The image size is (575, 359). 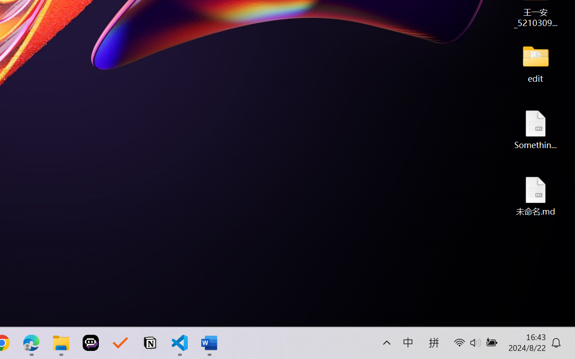 I want to click on 'Something.md', so click(x=535, y=129).